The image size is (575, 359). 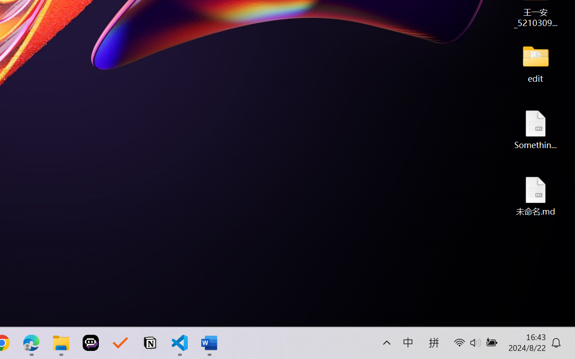 I want to click on 'Something.md', so click(x=535, y=129).